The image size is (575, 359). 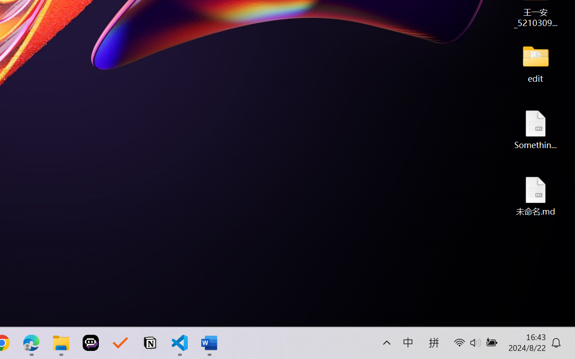 I want to click on 'Something.md', so click(x=535, y=129).